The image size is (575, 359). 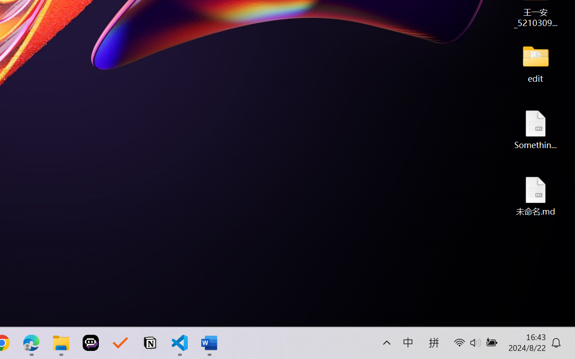 I want to click on 'Something.md', so click(x=535, y=129).